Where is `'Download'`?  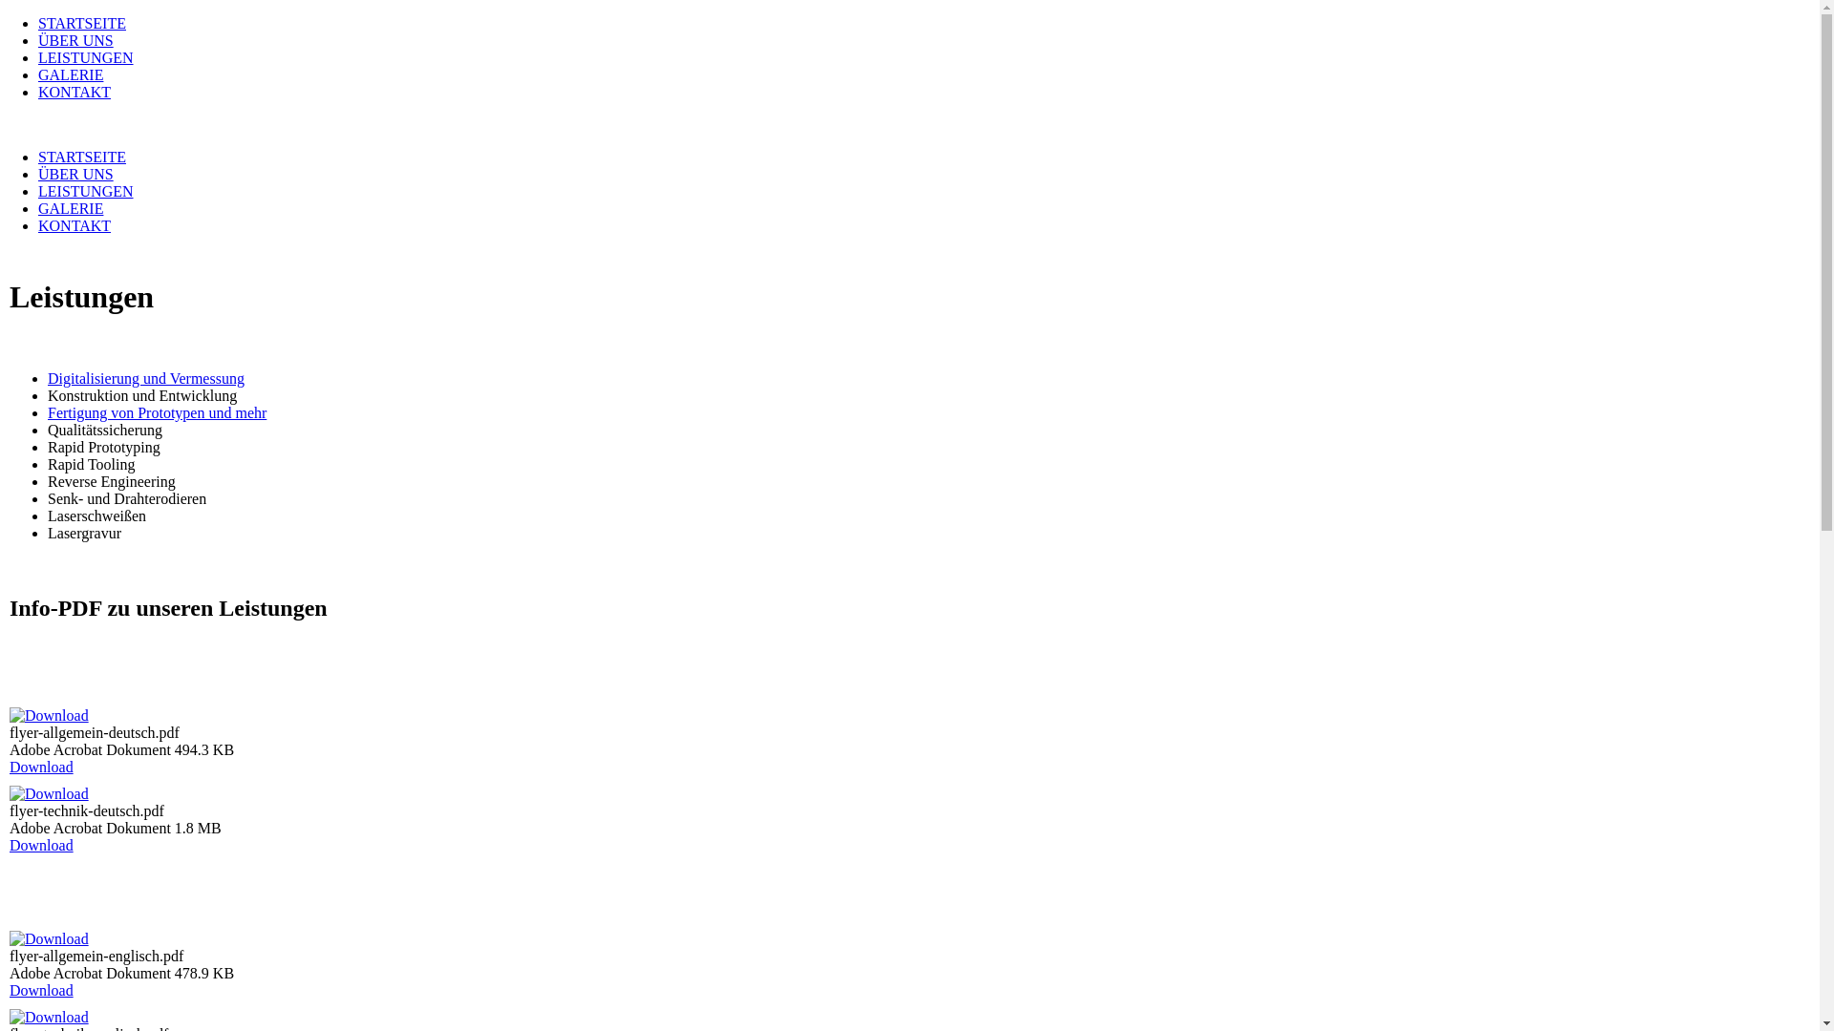
'Download' is located at coordinates (9, 766).